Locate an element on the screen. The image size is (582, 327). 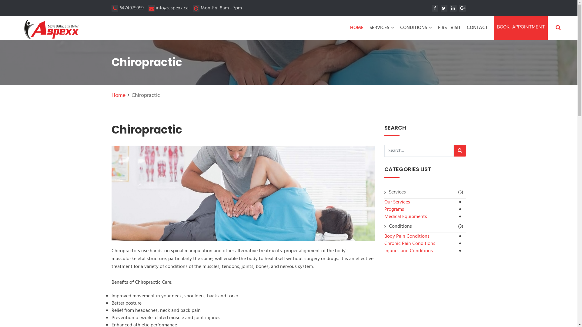
'Medical Equipments' is located at coordinates (406, 216).